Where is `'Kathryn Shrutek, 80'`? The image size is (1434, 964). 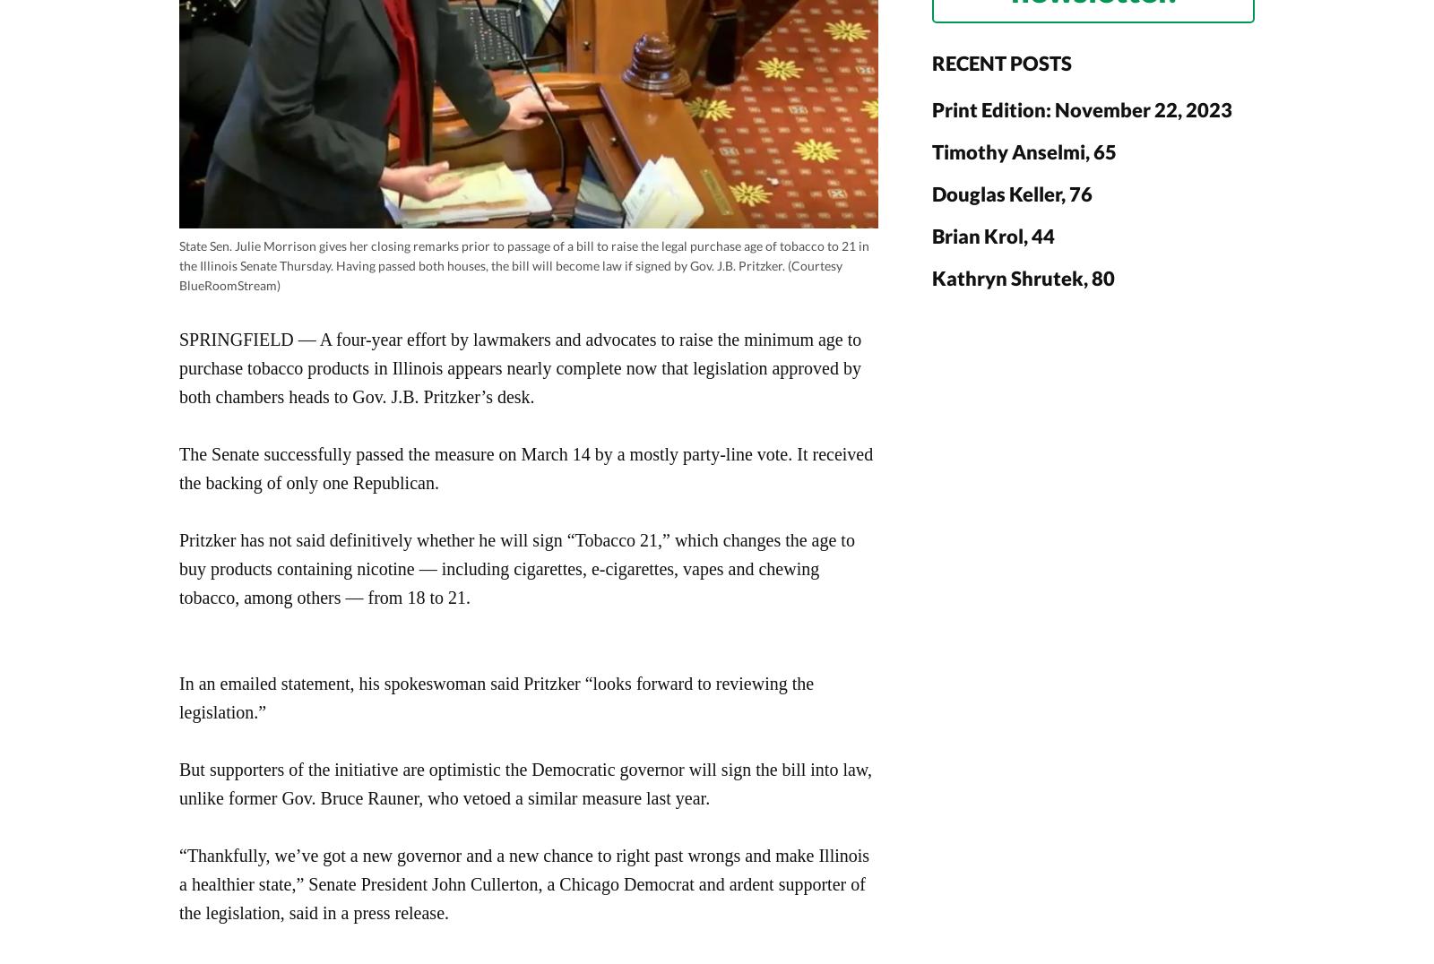 'Kathryn Shrutek, 80' is located at coordinates (1023, 276).